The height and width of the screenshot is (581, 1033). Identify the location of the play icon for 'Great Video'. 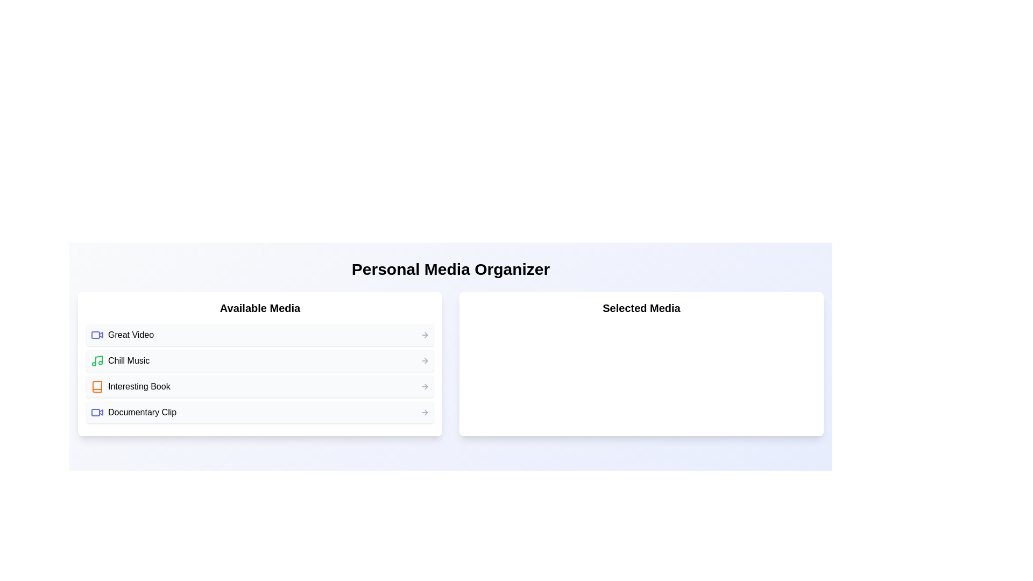
(101, 334).